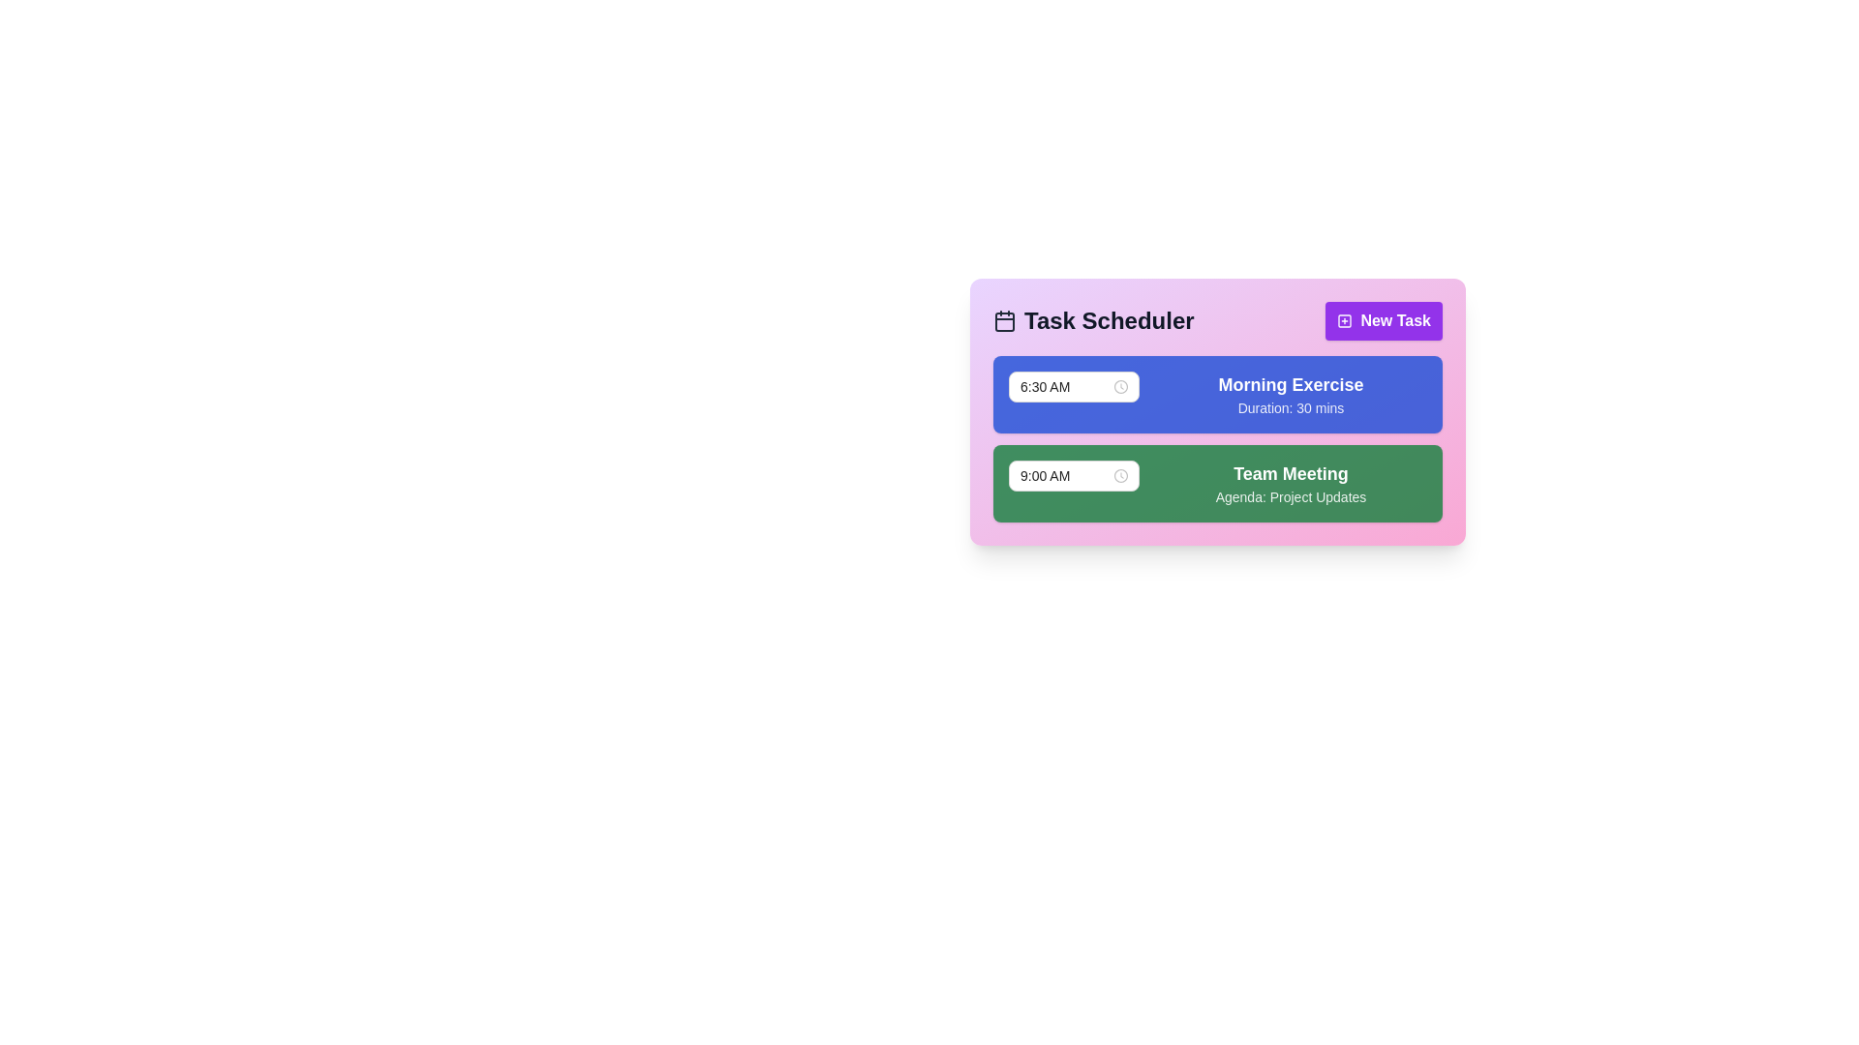  Describe the element at coordinates (1216, 410) in the screenshot. I see `the 'Morning Exercise' and 'Team Meeting' sections of the vibrant panel` at that location.